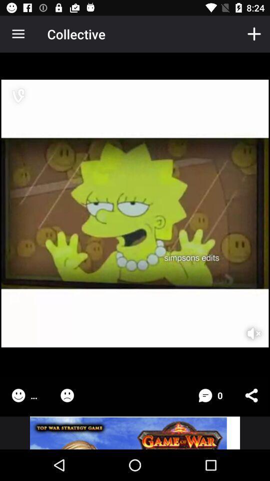 Image resolution: width=270 pixels, height=481 pixels. I want to click on mute sound, so click(247, 326).